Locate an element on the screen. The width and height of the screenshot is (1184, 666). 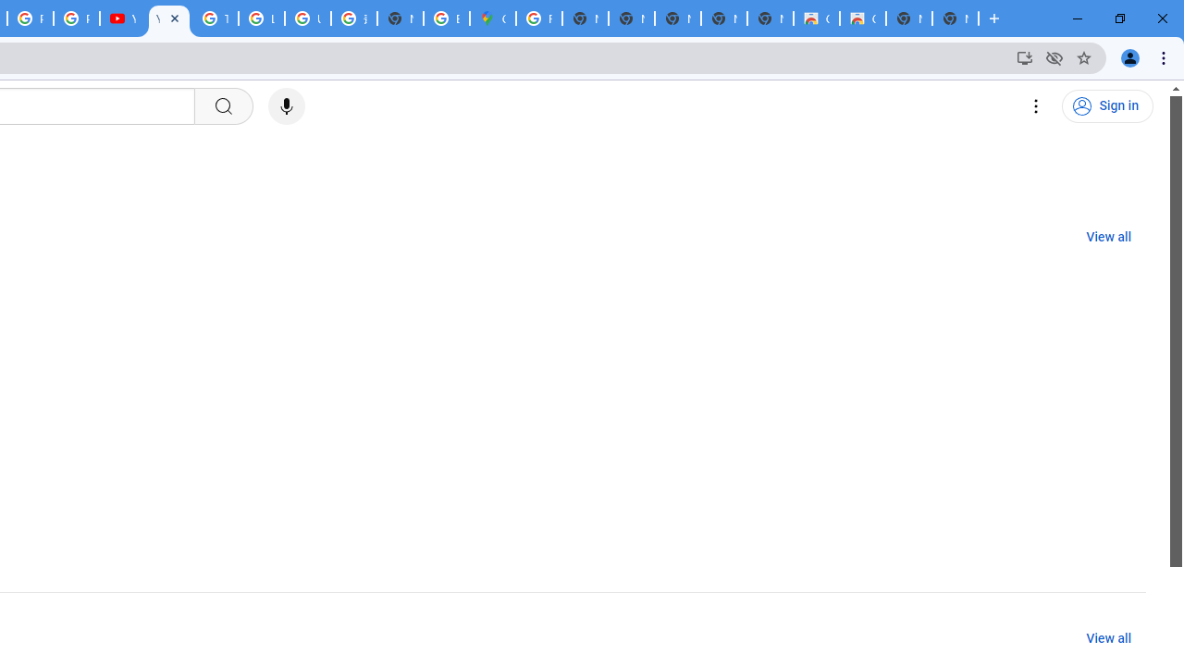
'YouTube' is located at coordinates (121, 18).